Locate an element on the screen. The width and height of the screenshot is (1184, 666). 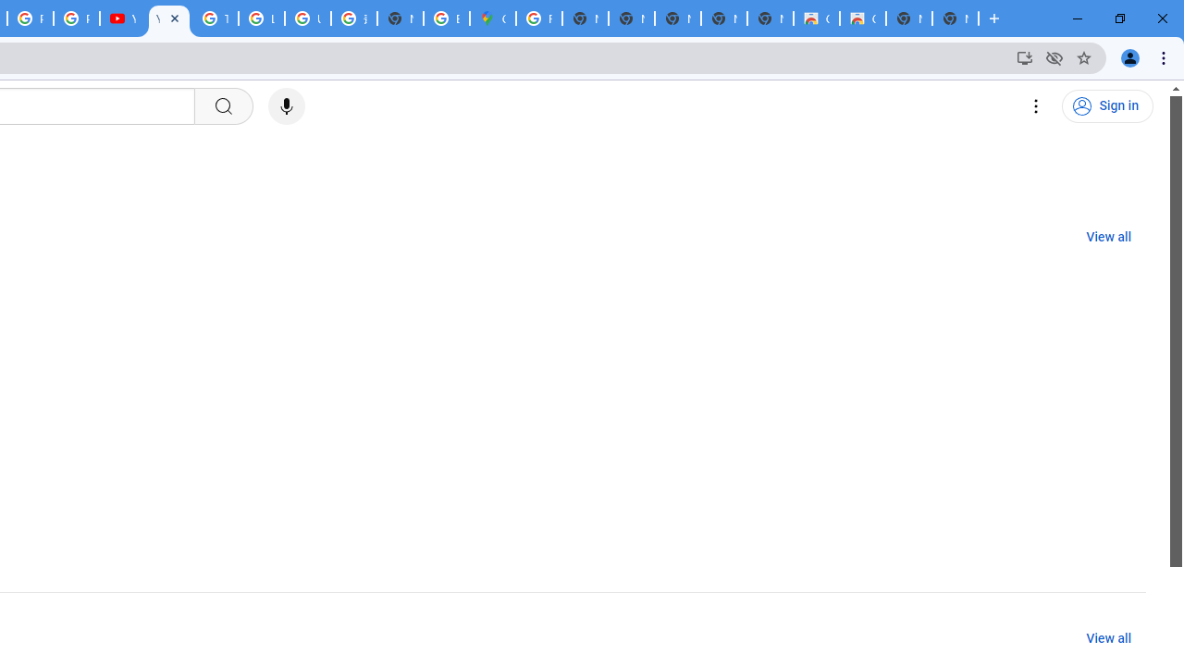
'YouTube' is located at coordinates (121, 18).